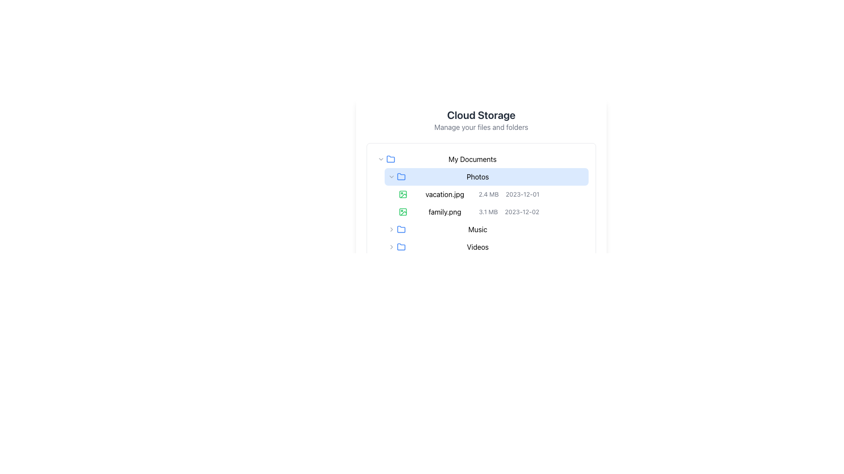 The image size is (844, 474). What do you see at coordinates (477, 176) in the screenshot?
I see `the 'Photos' folder label, which is positioned directly below the 'My Documents' title in the file system interface` at bounding box center [477, 176].